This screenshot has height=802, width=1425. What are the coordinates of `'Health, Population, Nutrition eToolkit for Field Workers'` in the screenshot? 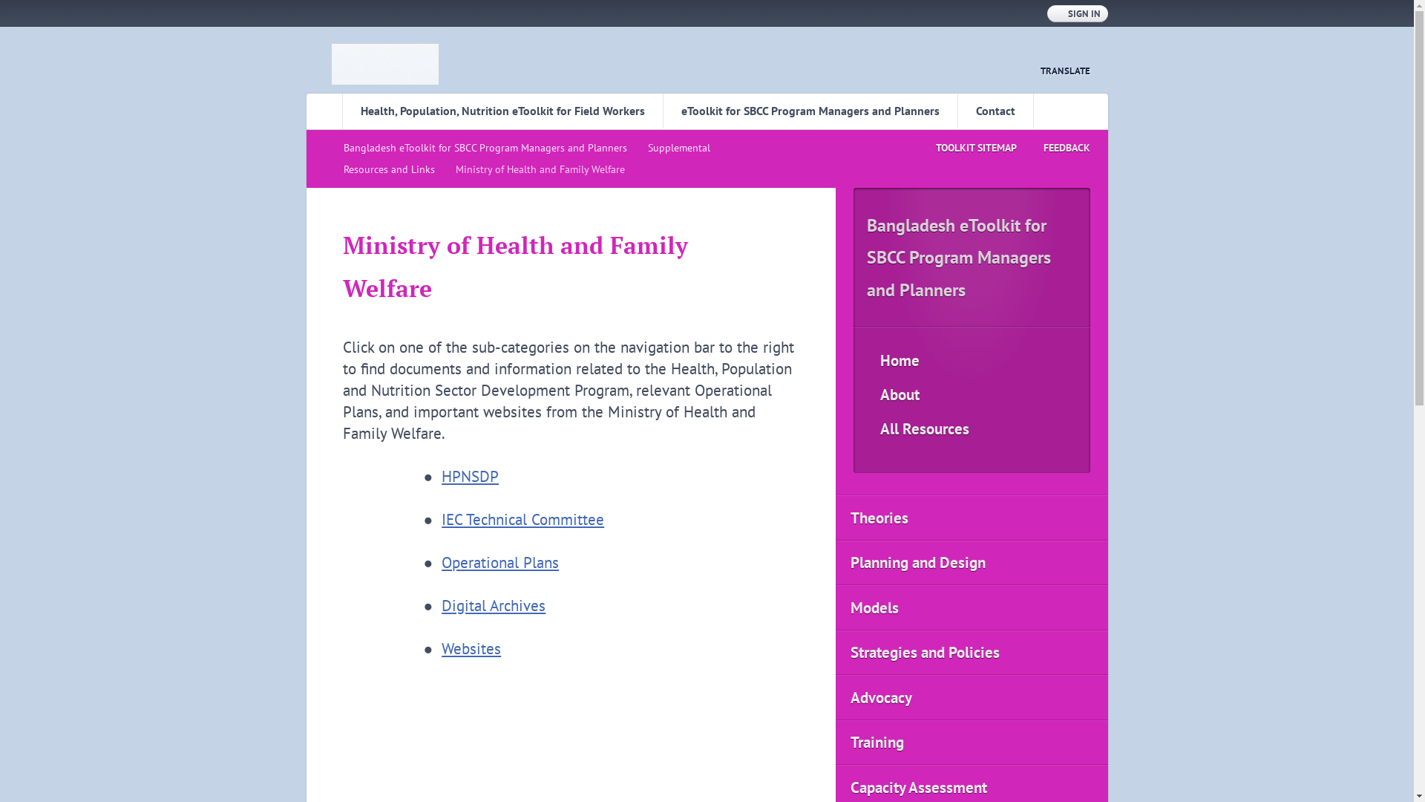 It's located at (502, 110).